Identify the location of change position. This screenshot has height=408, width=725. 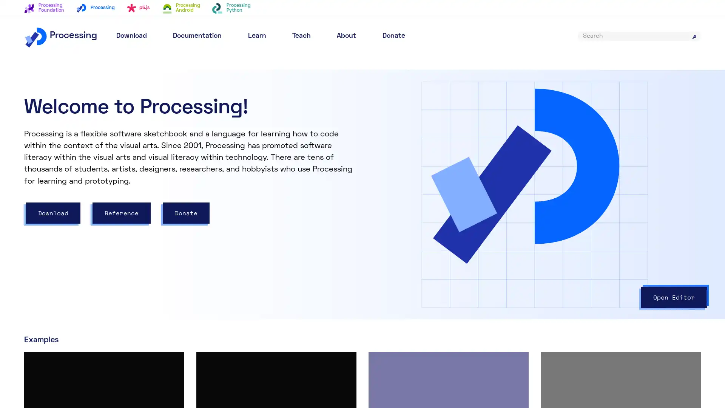
(474, 233).